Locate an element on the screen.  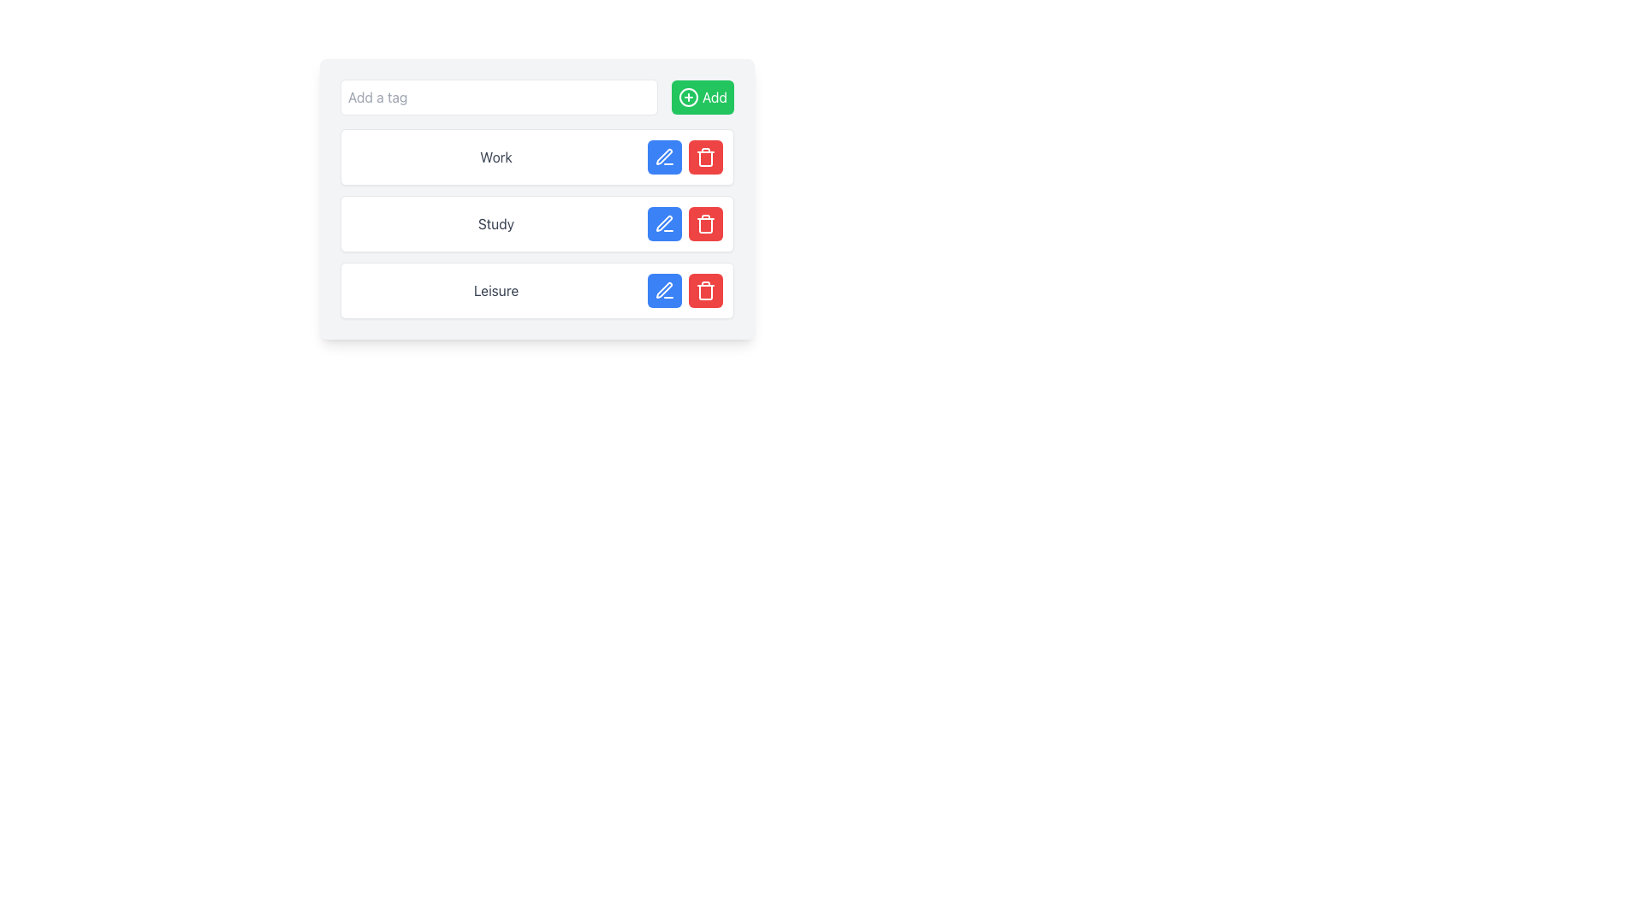
the text label that describes the category of the middle card in a vertically stacked list, positioned between 'Work' and 'Leisure', and adjacent to two buttons on its right is located at coordinates (495, 223).